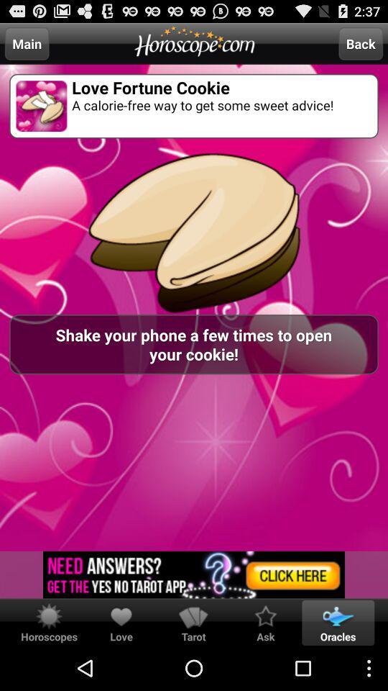 The height and width of the screenshot is (691, 388). I want to click on more information about an advertisement, so click(194, 574).